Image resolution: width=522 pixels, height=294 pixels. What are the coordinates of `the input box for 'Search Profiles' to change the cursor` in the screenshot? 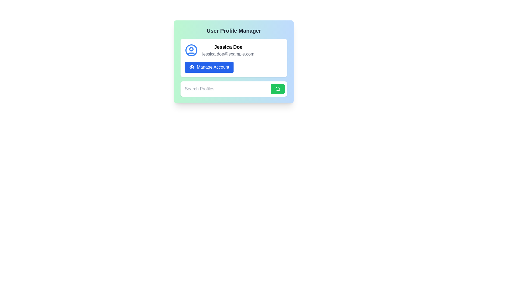 It's located at (227, 89).